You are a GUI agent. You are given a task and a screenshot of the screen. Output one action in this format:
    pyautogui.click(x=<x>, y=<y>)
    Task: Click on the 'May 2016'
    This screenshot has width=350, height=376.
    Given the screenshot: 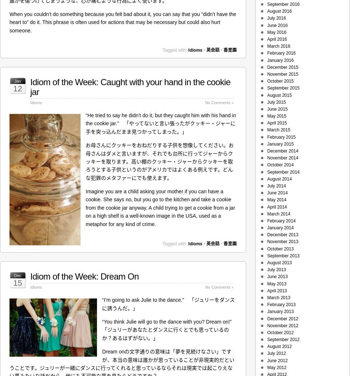 What is the action you would take?
    pyautogui.click(x=276, y=32)
    